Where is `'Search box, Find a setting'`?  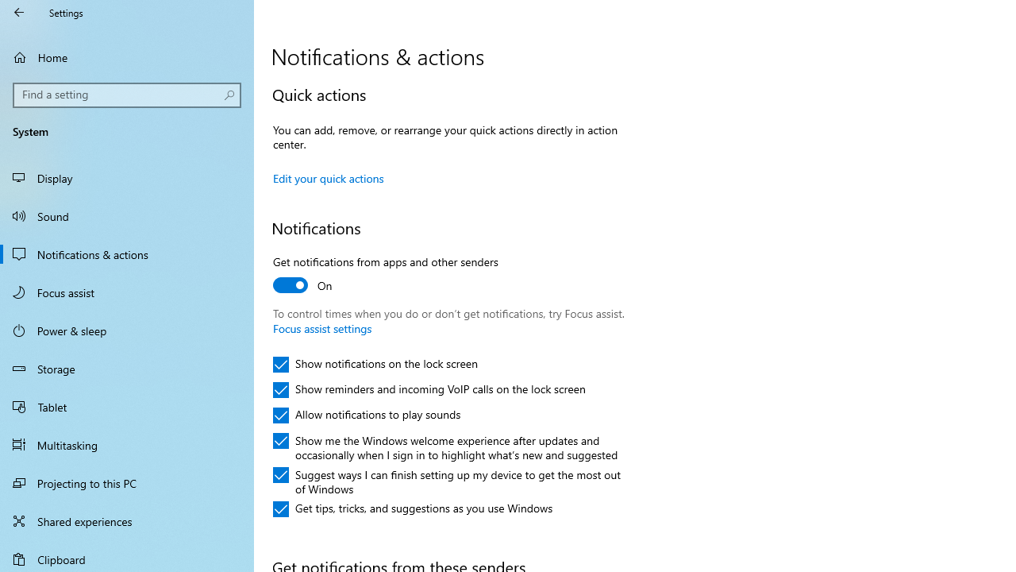 'Search box, Find a setting' is located at coordinates (127, 95).